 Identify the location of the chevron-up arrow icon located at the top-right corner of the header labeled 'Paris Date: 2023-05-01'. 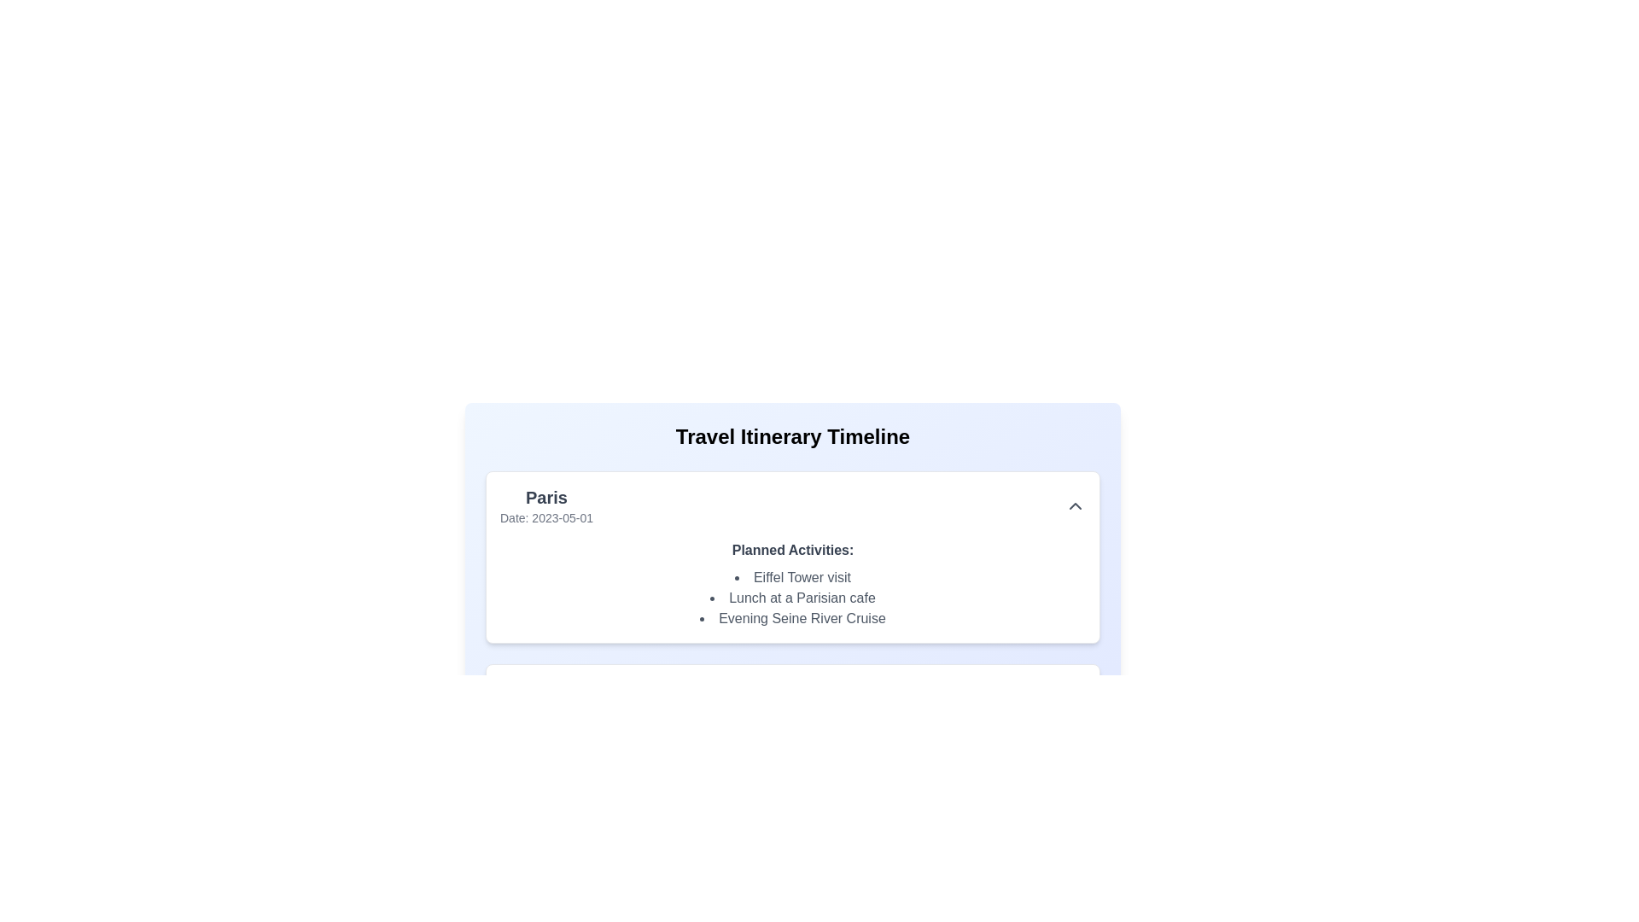
(1074, 505).